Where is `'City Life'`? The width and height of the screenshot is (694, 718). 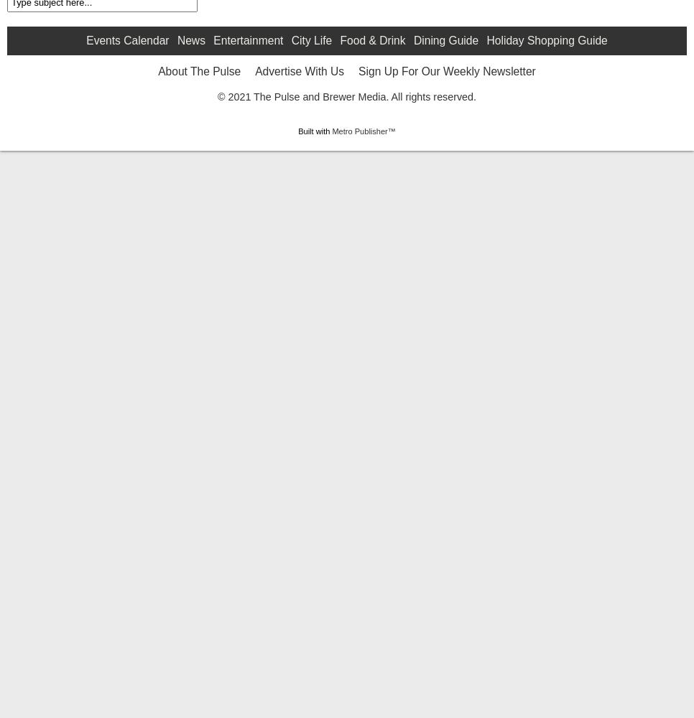 'City Life' is located at coordinates (310, 153).